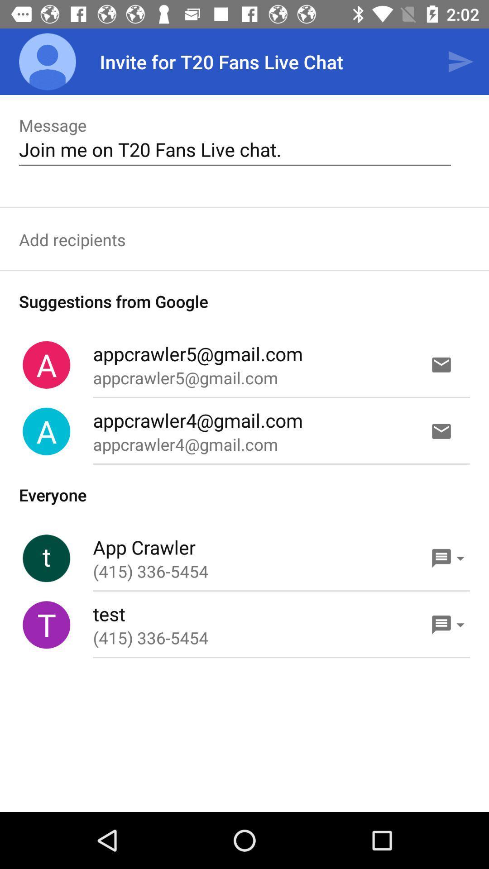 Image resolution: width=489 pixels, height=869 pixels. What do you see at coordinates (460, 61) in the screenshot?
I see `the item above join me on` at bounding box center [460, 61].